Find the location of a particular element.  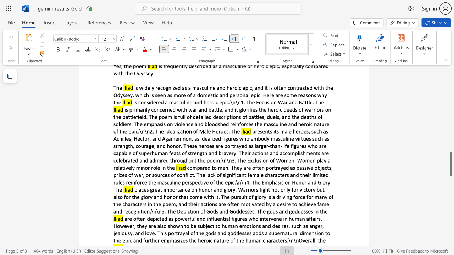

the scrollbar to move the page up is located at coordinates (450, 96).